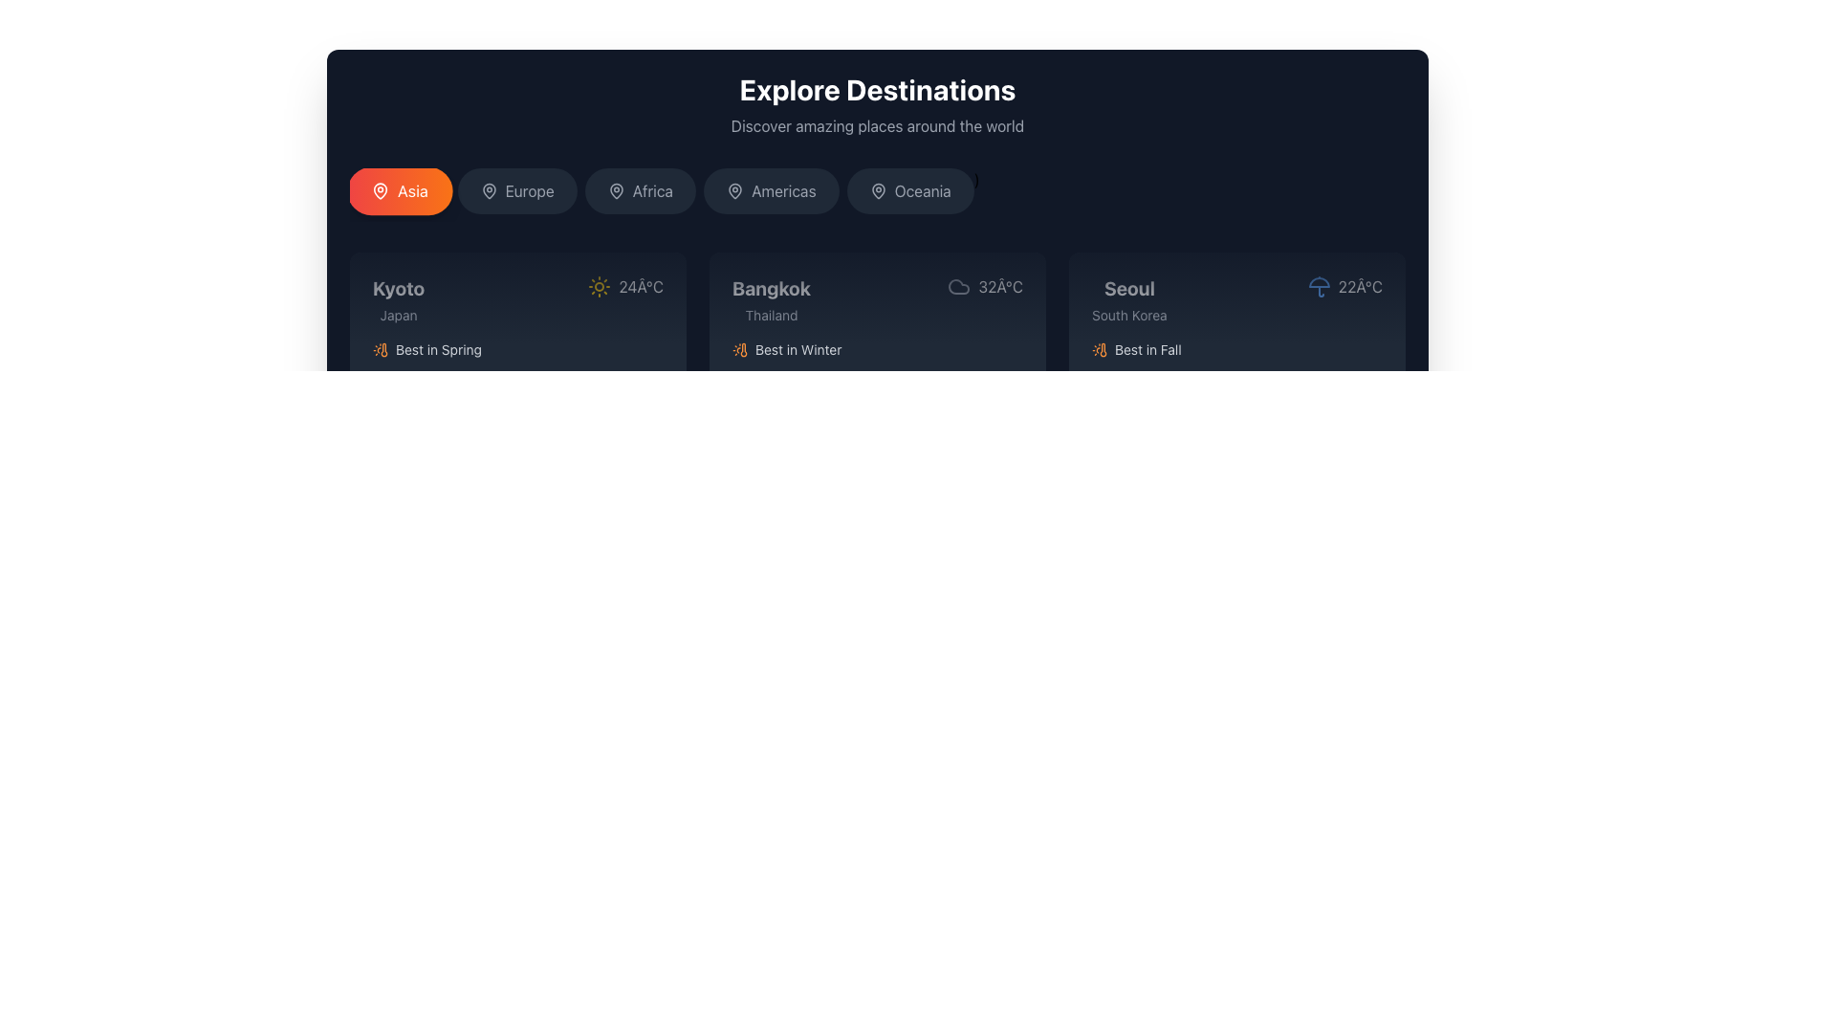  Describe the element at coordinates (733, 191) in the screenshot. I see `the icon located inside the 'Americas' button on the navigation bar, which serves as a visual indicator preceding the 'Americas' text` at that location.